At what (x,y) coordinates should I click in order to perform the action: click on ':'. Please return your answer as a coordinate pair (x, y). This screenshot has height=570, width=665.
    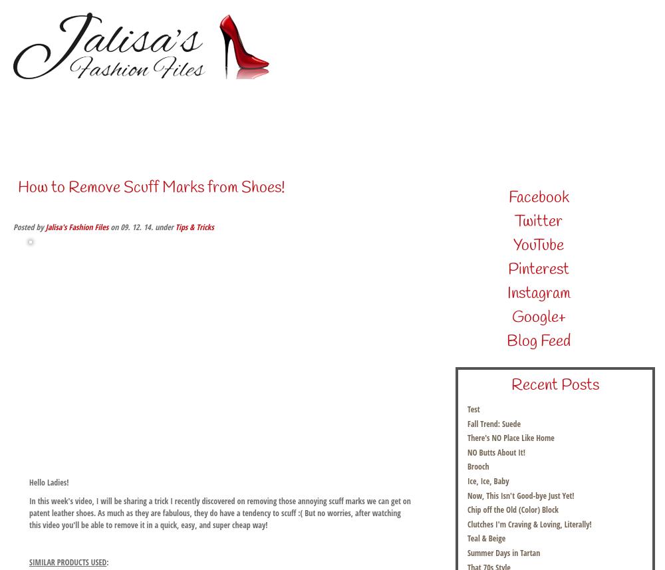
    Looking at the image, I should click on (106, 561).